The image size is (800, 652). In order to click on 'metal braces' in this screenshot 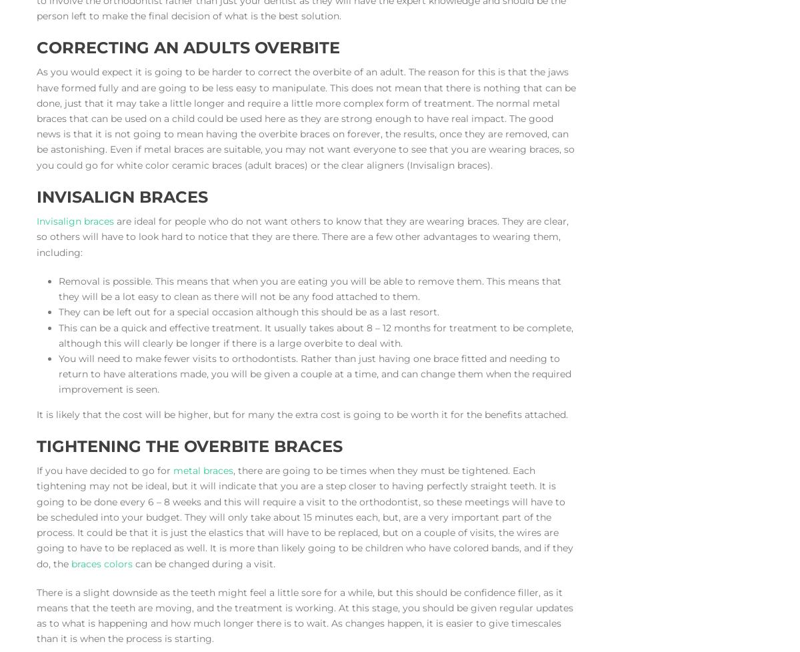, I will do `click(203, 471)`.